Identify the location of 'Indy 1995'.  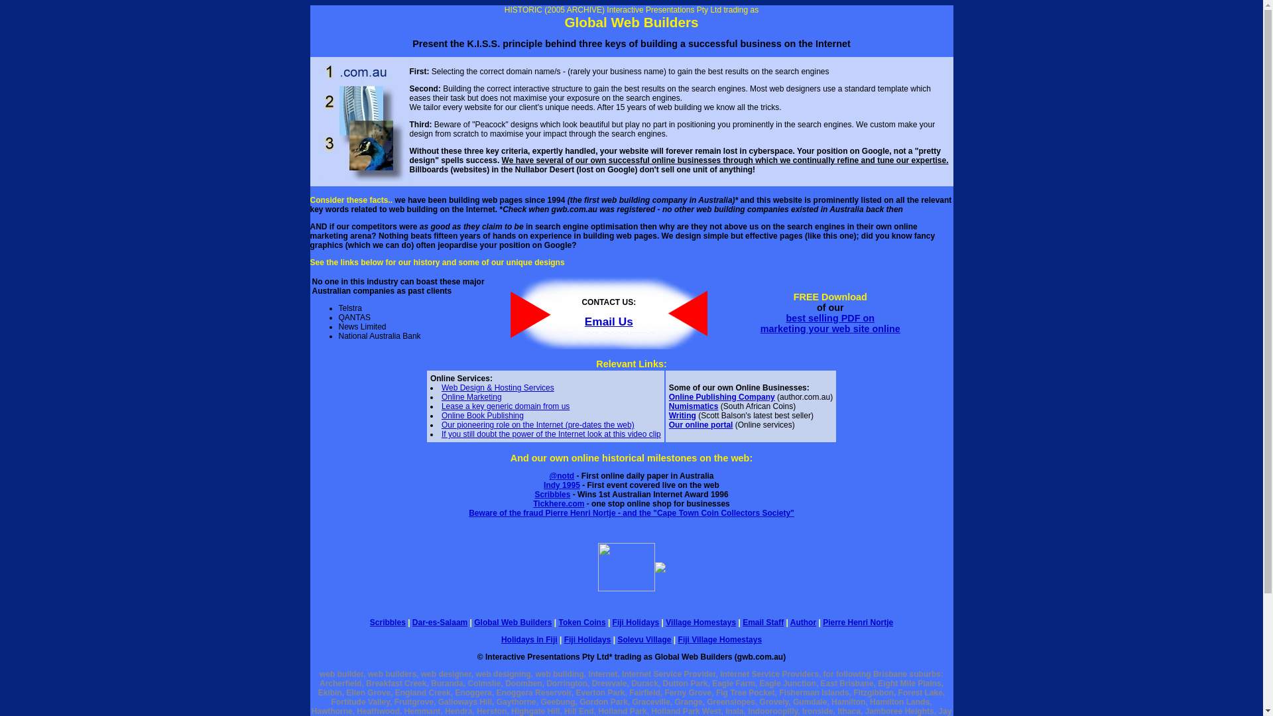
(562, 485).